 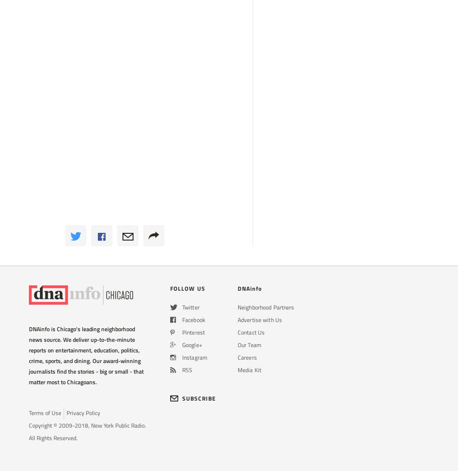 I want to click on 'Neighborhood Partners', so click(x=266, y=307).